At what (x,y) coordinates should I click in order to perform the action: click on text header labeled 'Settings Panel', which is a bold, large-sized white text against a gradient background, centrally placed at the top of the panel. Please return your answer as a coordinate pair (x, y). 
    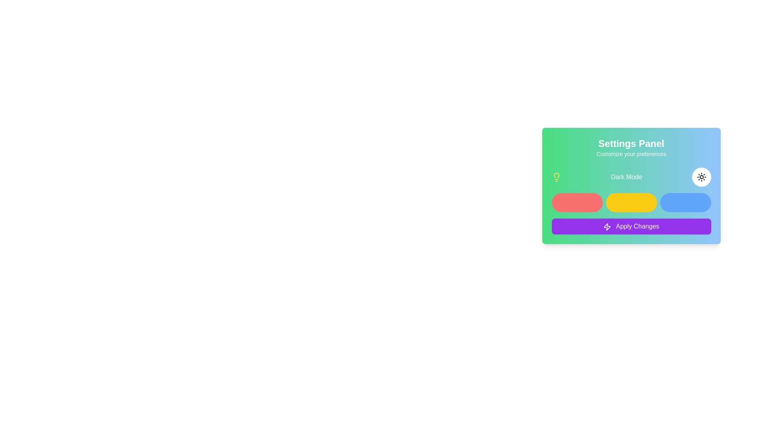
    Looking at the image, I should click on (631, 144).